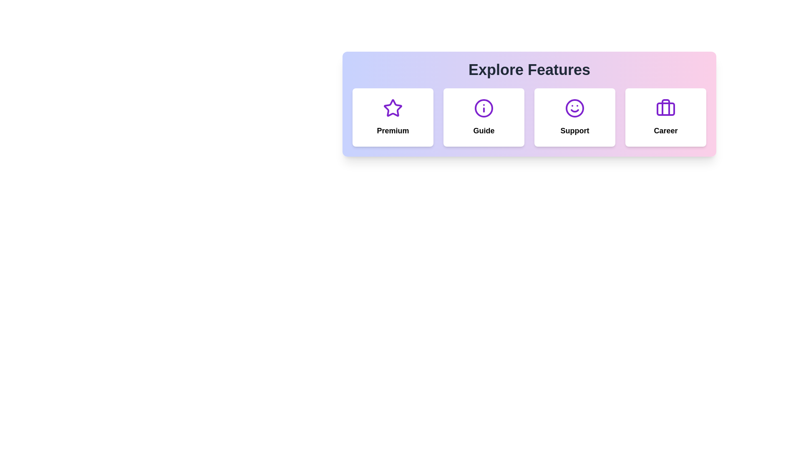 The height and width of the screenshot is (450, 801). What do you see at coordinates (574, 130) in the screenshot?
I see `the text label 'Support' that is centrally positioned within its card interface` at bounding box center [574, 130].